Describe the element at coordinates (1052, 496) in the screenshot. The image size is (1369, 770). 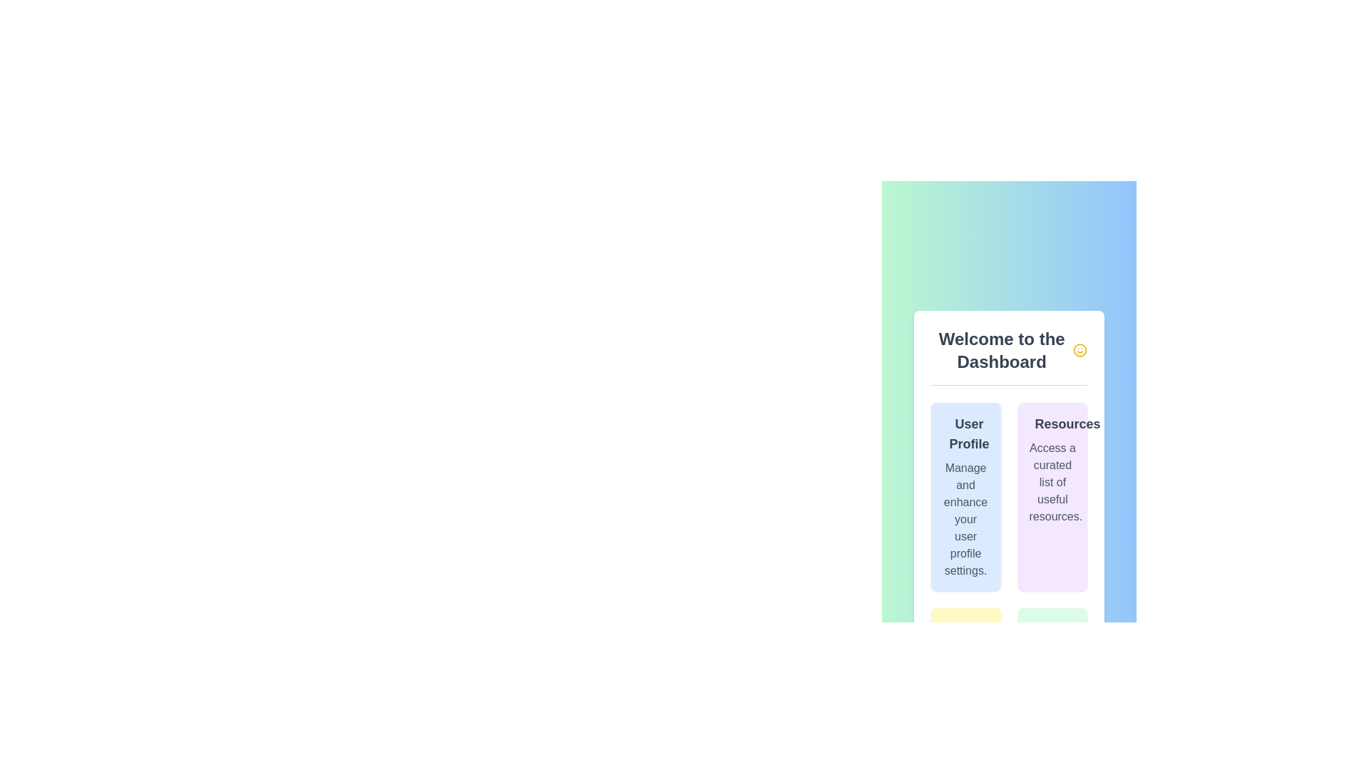
I see `the Informational Card which provides access to a curated collection of resources, located in the top-right quadrant of the grid` at that location.